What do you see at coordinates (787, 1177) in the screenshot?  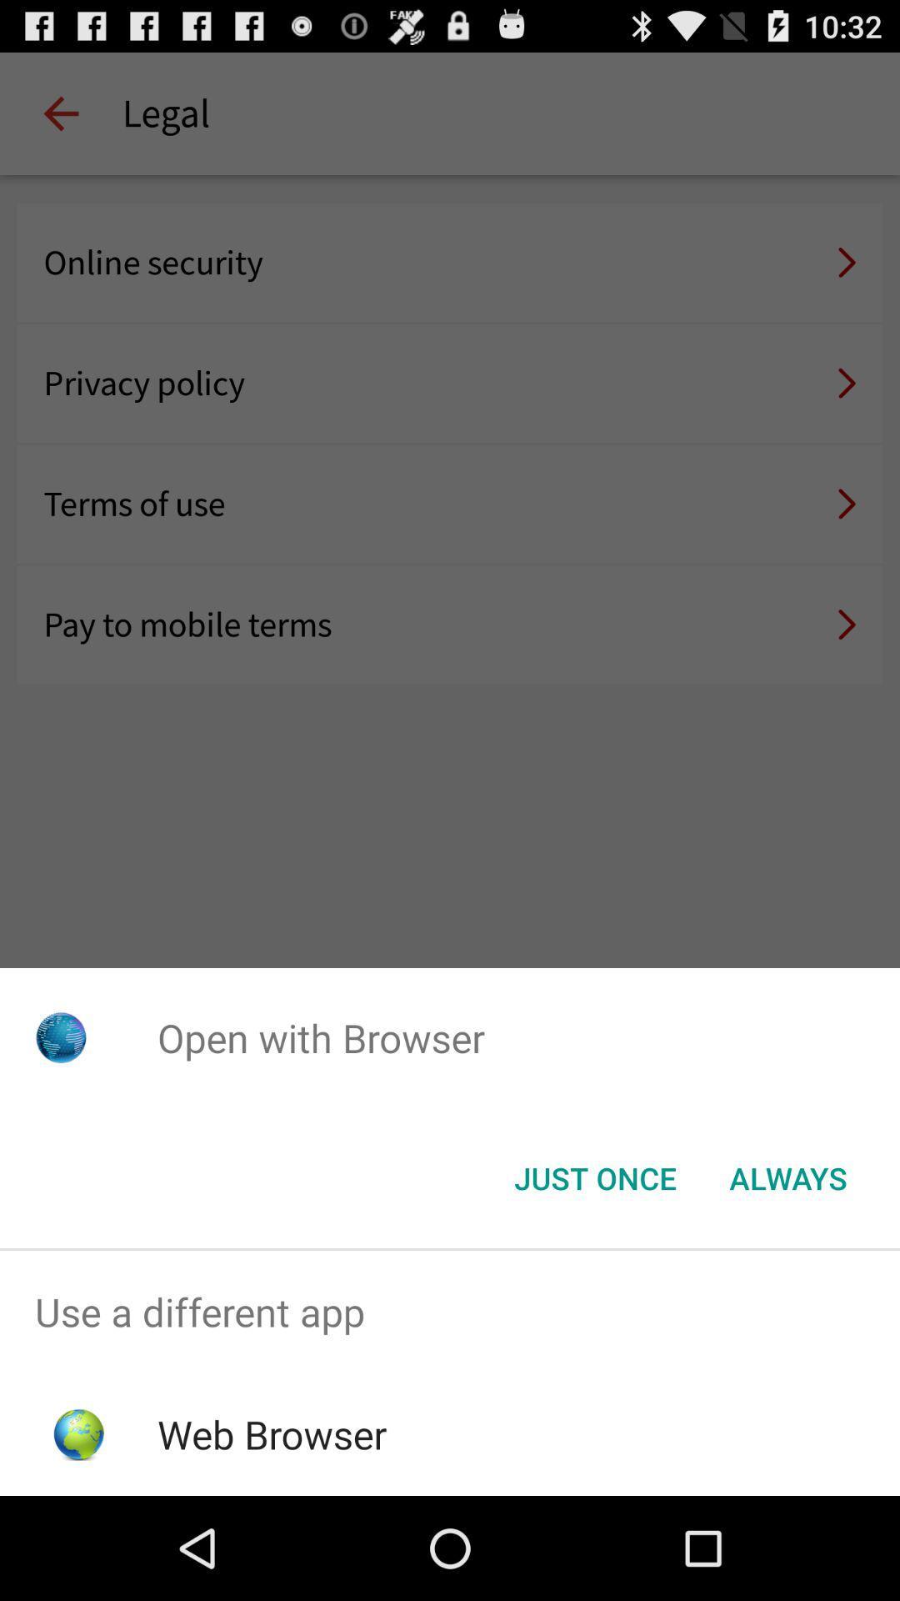 I see `the item below the open with browser app` at bounding box center [787, 1177].